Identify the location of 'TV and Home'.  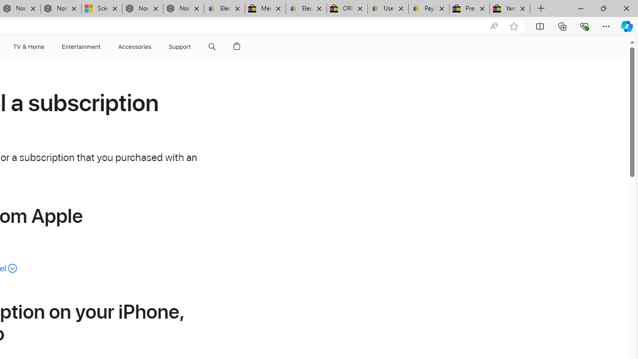
(28, 46).